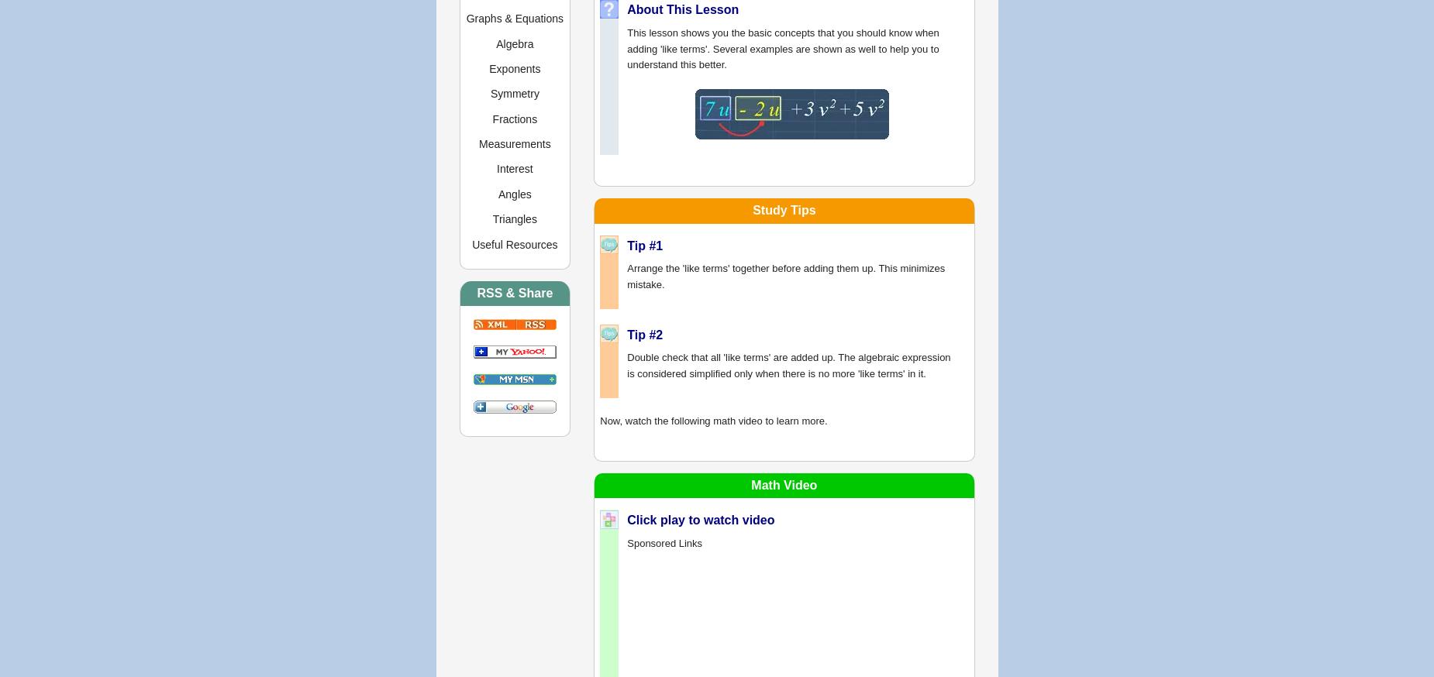 The width and height of the screenshot is (1434, 677). I want to click on 'Tip #2', so click(627, 334).